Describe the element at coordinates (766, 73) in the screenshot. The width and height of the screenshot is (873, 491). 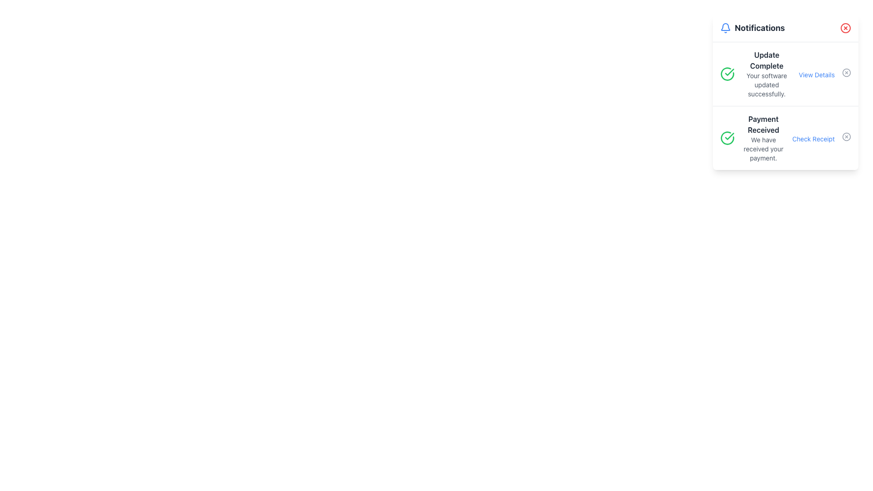
I see `the text display element that shows 'Update Complete' and 'Your software updated successfully', located near the top of the notifications panel` at that location.